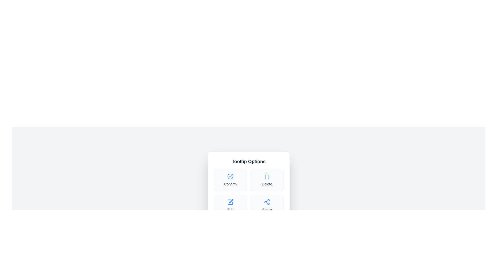 This screenshot has width=492, height=277. I want to click on the delete button located in the top-right quadrant of the 2x2 grid layout, so click(266, 180).